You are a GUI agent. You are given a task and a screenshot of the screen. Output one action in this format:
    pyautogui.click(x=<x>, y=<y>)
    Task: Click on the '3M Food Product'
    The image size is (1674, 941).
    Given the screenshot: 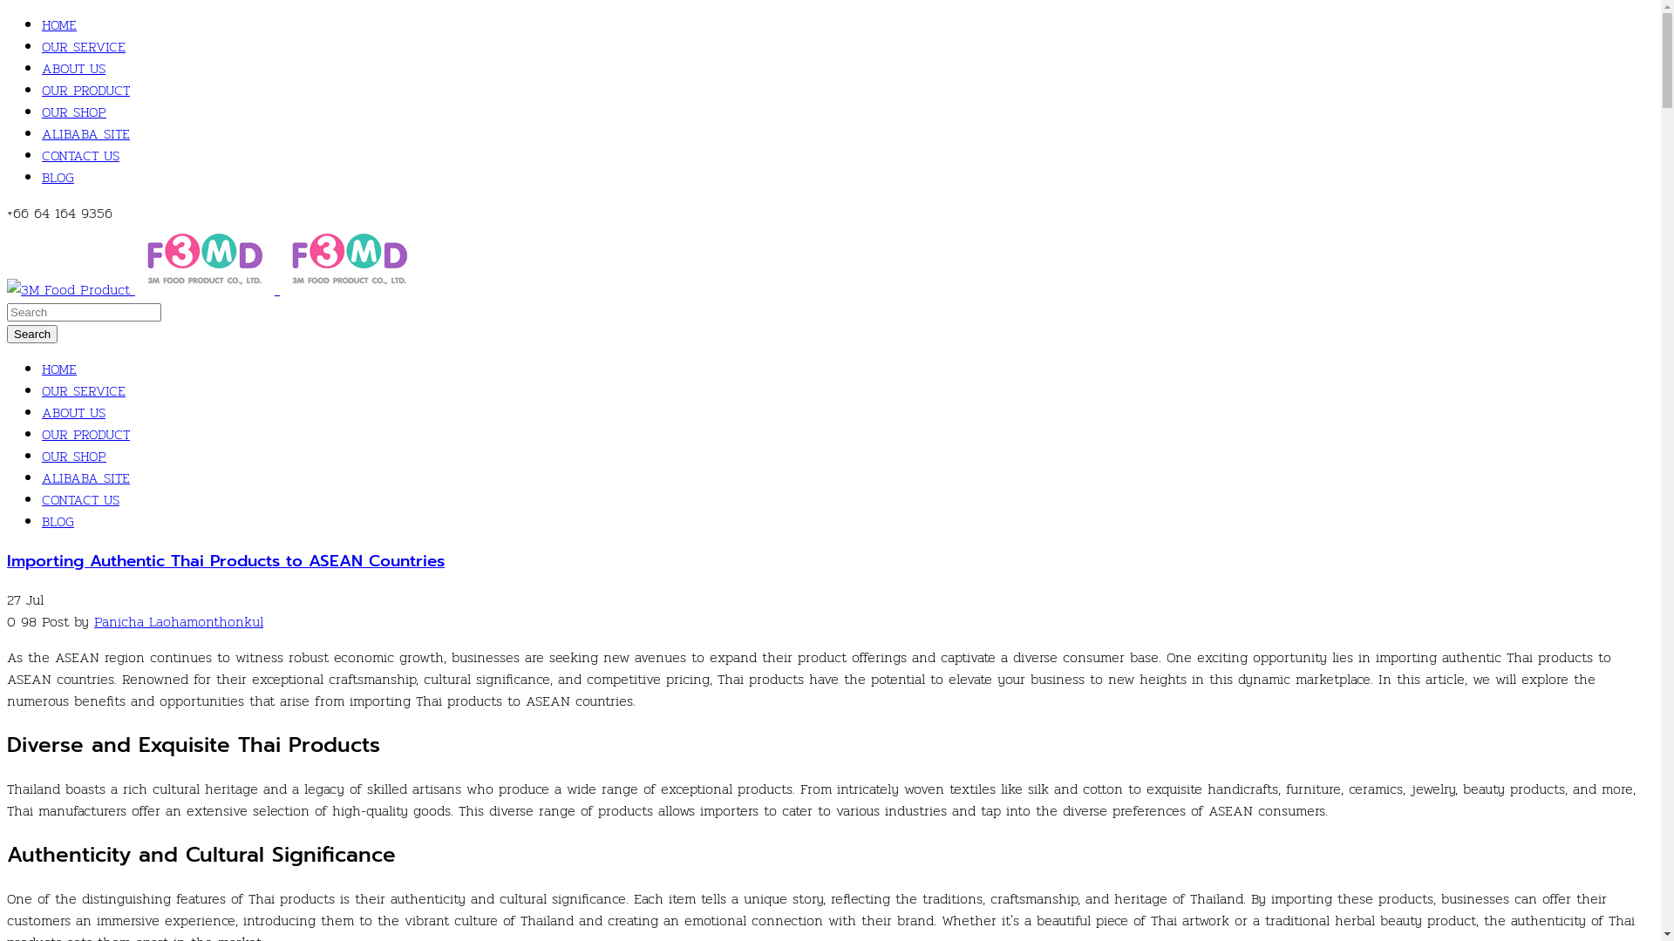 What is the action you would take?
    pyautogui.click(x=205, y=259)
    